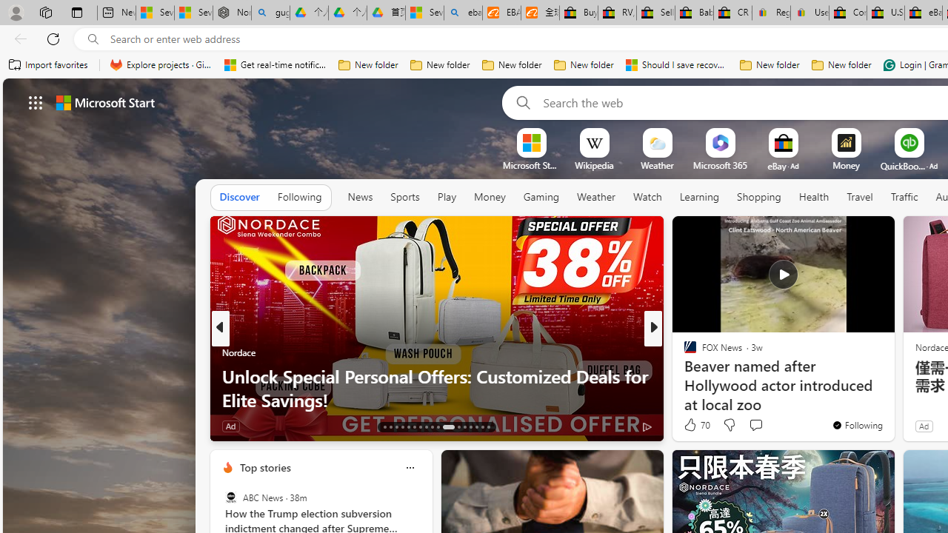  I want to click on 'Register: Create a personal eBay account', so click(770, 13).